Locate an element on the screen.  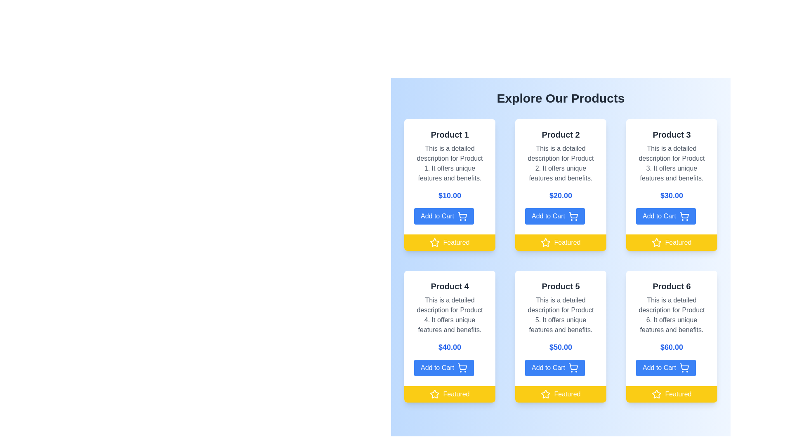
the text label displaying the price '$20.00', which is styled in bold blue font and located within the second product card, centered horizontally between the product description and the 'Add to Cart' button is located at coordinates (561, 195).